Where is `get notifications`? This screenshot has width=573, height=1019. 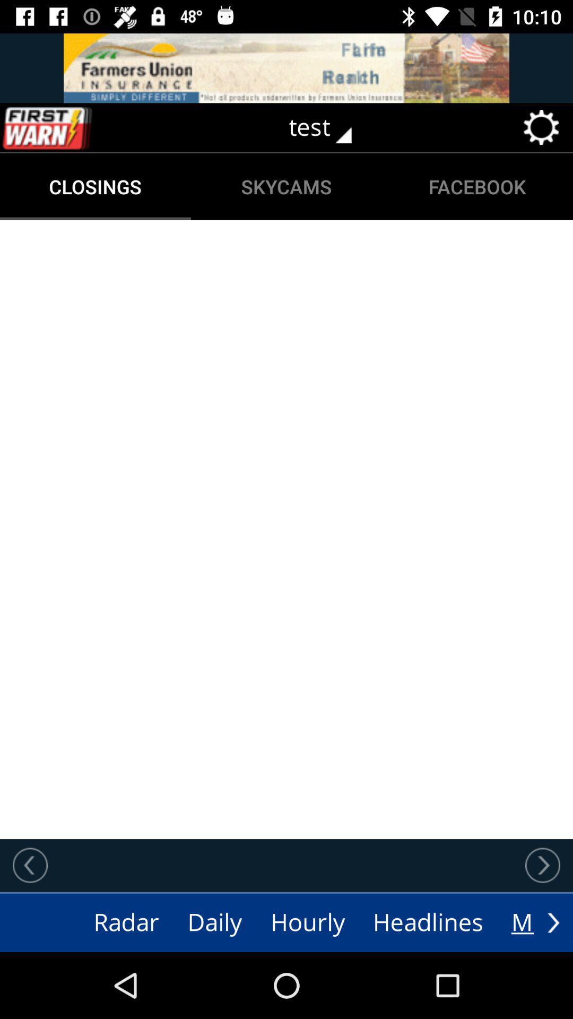 get notifications is located at coordinates (70, 127).